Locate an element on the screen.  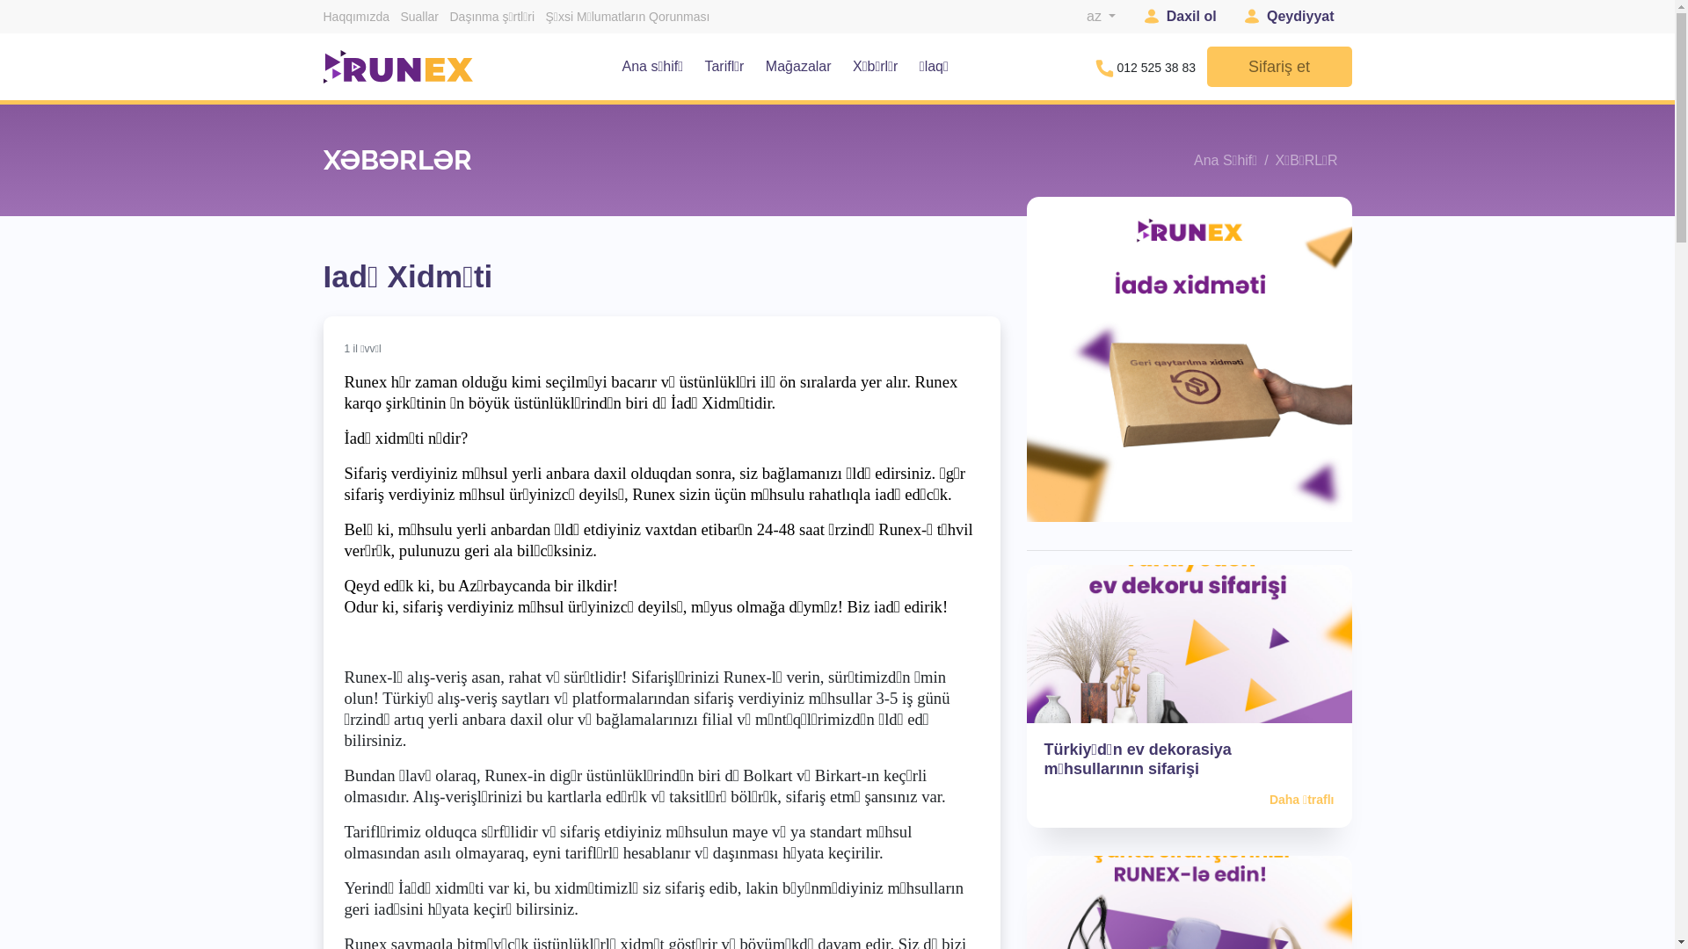
'Suallar' is located at coordinates (418, 17).